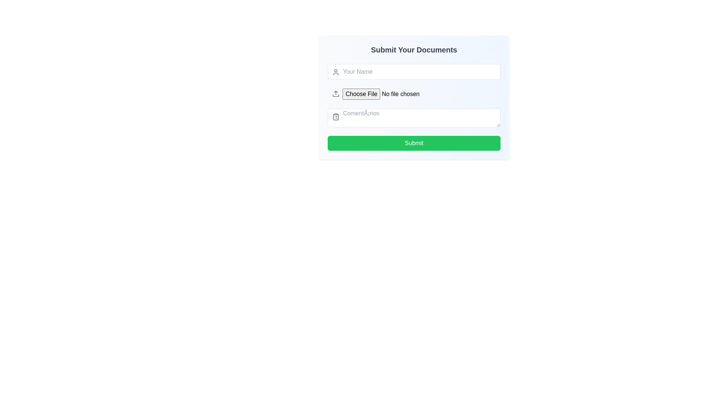  What do you see at coordinates (336, 93) in the screenshot?
I see `the upload icon located to the left of the 'Choose File' button within the 'Submit Your Documents' form for information` at bounding box center [336, 93].